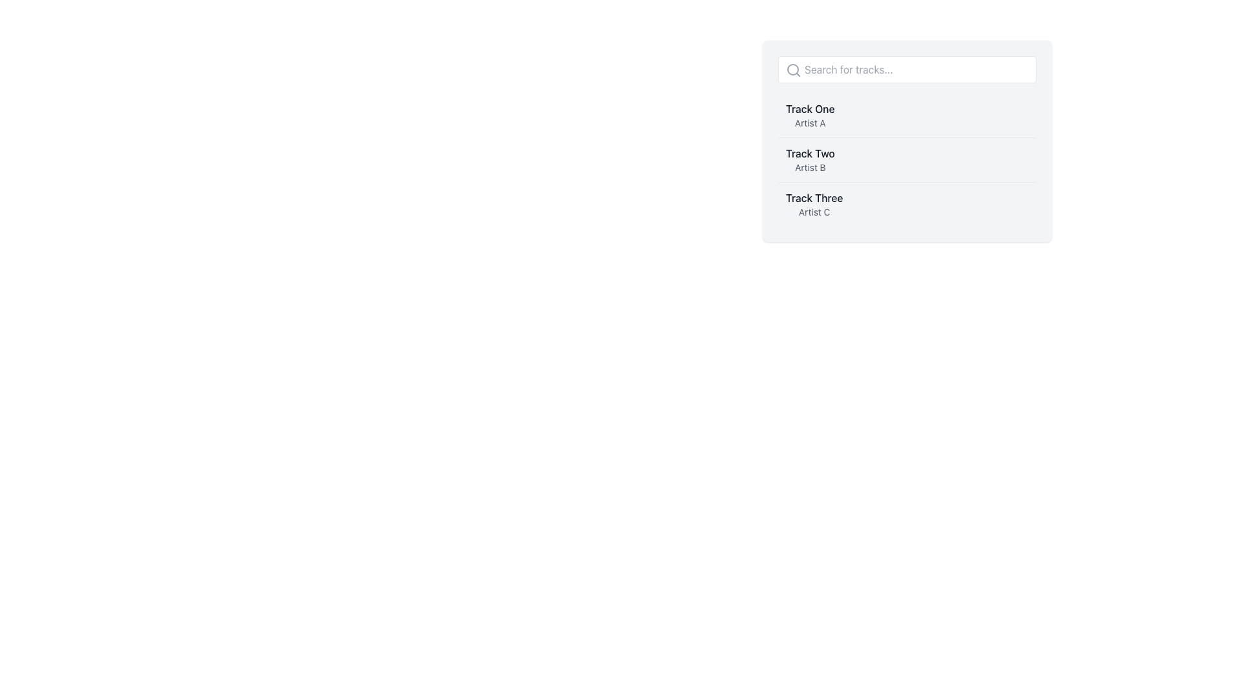 The image size is (1240, 697). I want to click on the magnifying glass icon located in the leftmost section of the search bar, which has a simple line design and is styled in grey, so click(792, 70).